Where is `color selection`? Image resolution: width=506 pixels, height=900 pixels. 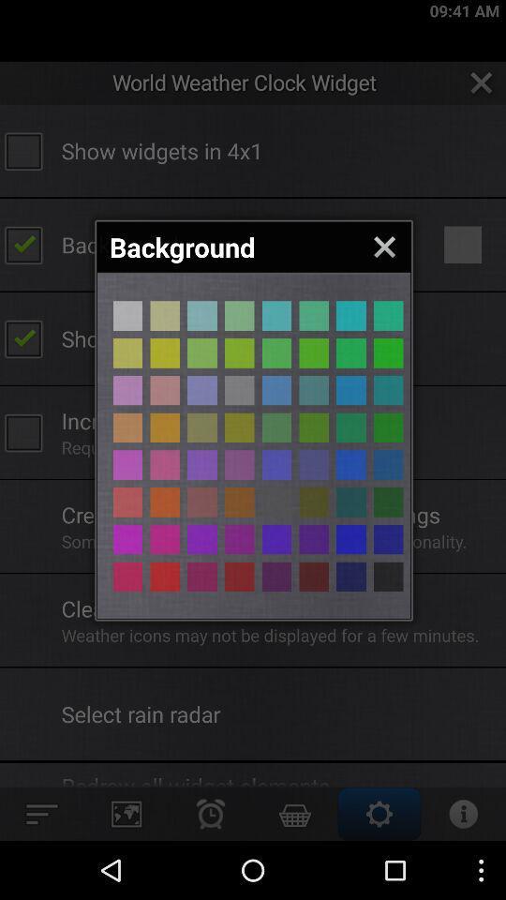 color selection is located at coordinates (165, 352).